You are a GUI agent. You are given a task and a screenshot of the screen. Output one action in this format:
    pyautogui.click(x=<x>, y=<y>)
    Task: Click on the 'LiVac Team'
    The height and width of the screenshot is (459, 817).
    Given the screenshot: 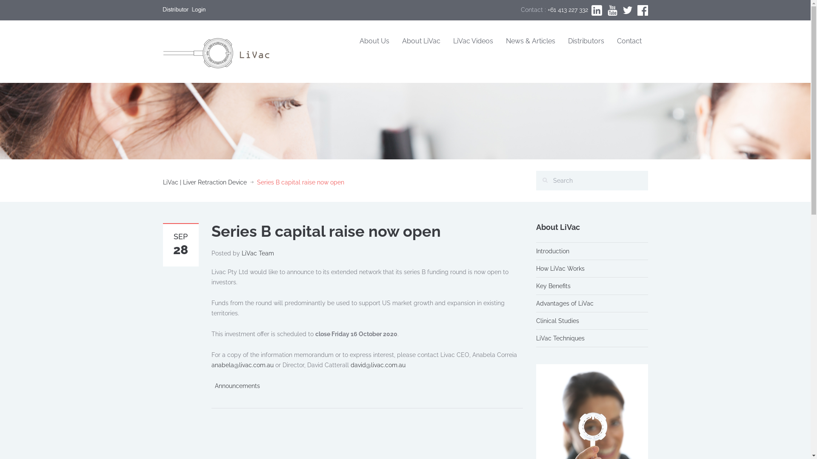 What is the action you would take?
    pyautogui.click(x=257, y=253)
    